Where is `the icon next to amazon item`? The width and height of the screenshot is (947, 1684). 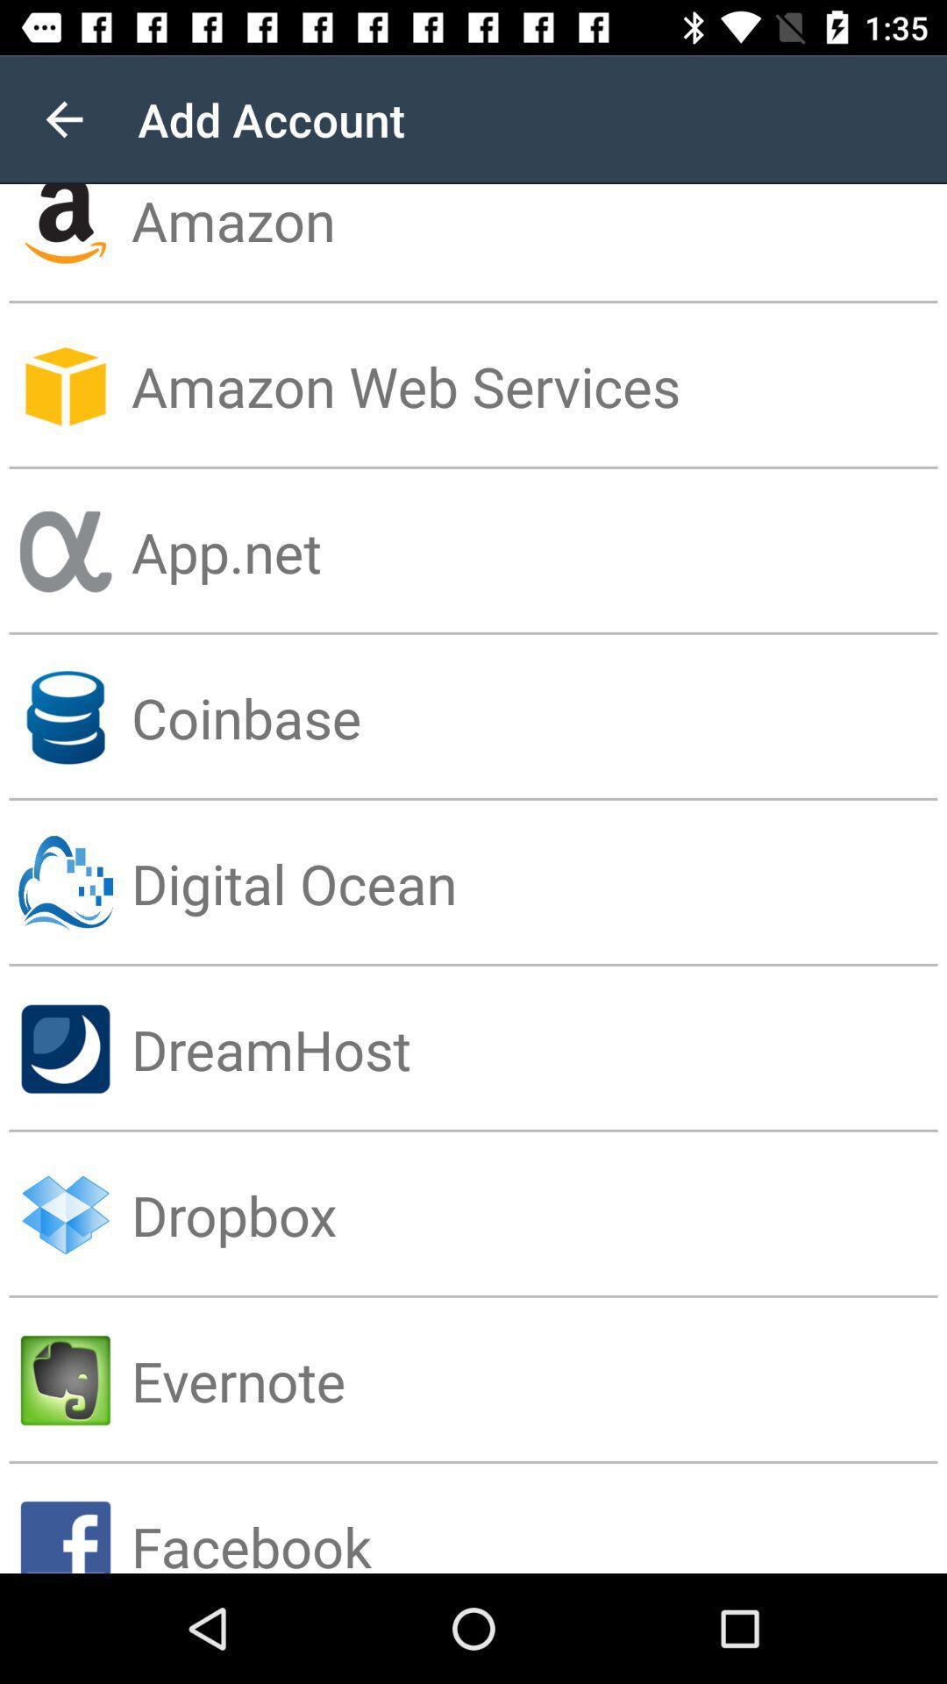 the icon next to amazon item is located at coordinates (63, 118).